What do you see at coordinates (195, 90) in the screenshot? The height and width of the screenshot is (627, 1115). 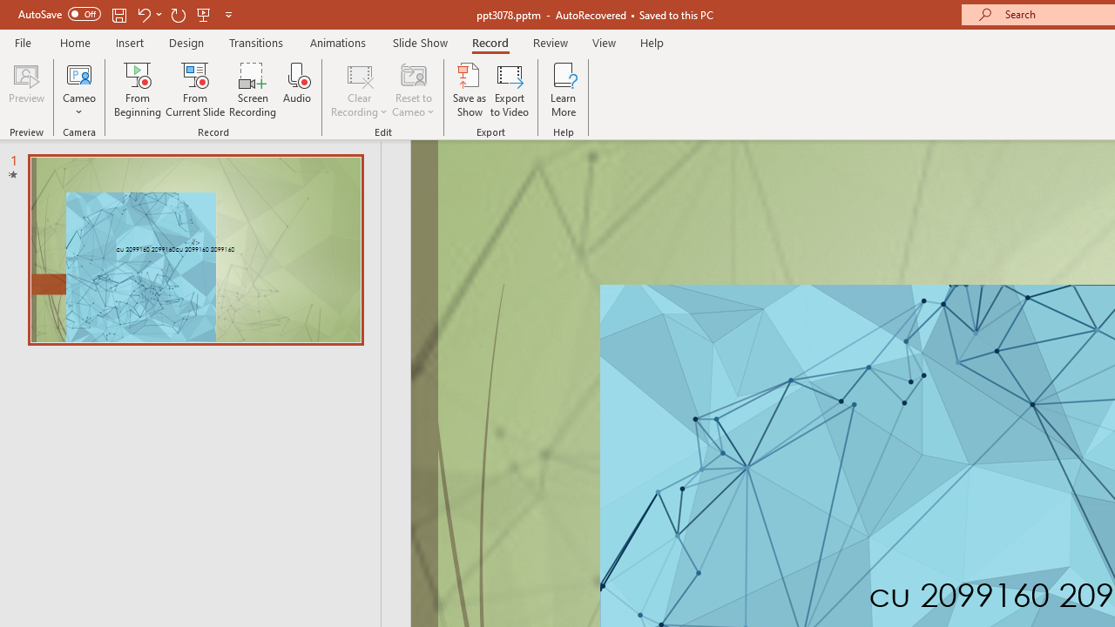 I see `'From Current Slide...'` at bounding box center [195, 90].